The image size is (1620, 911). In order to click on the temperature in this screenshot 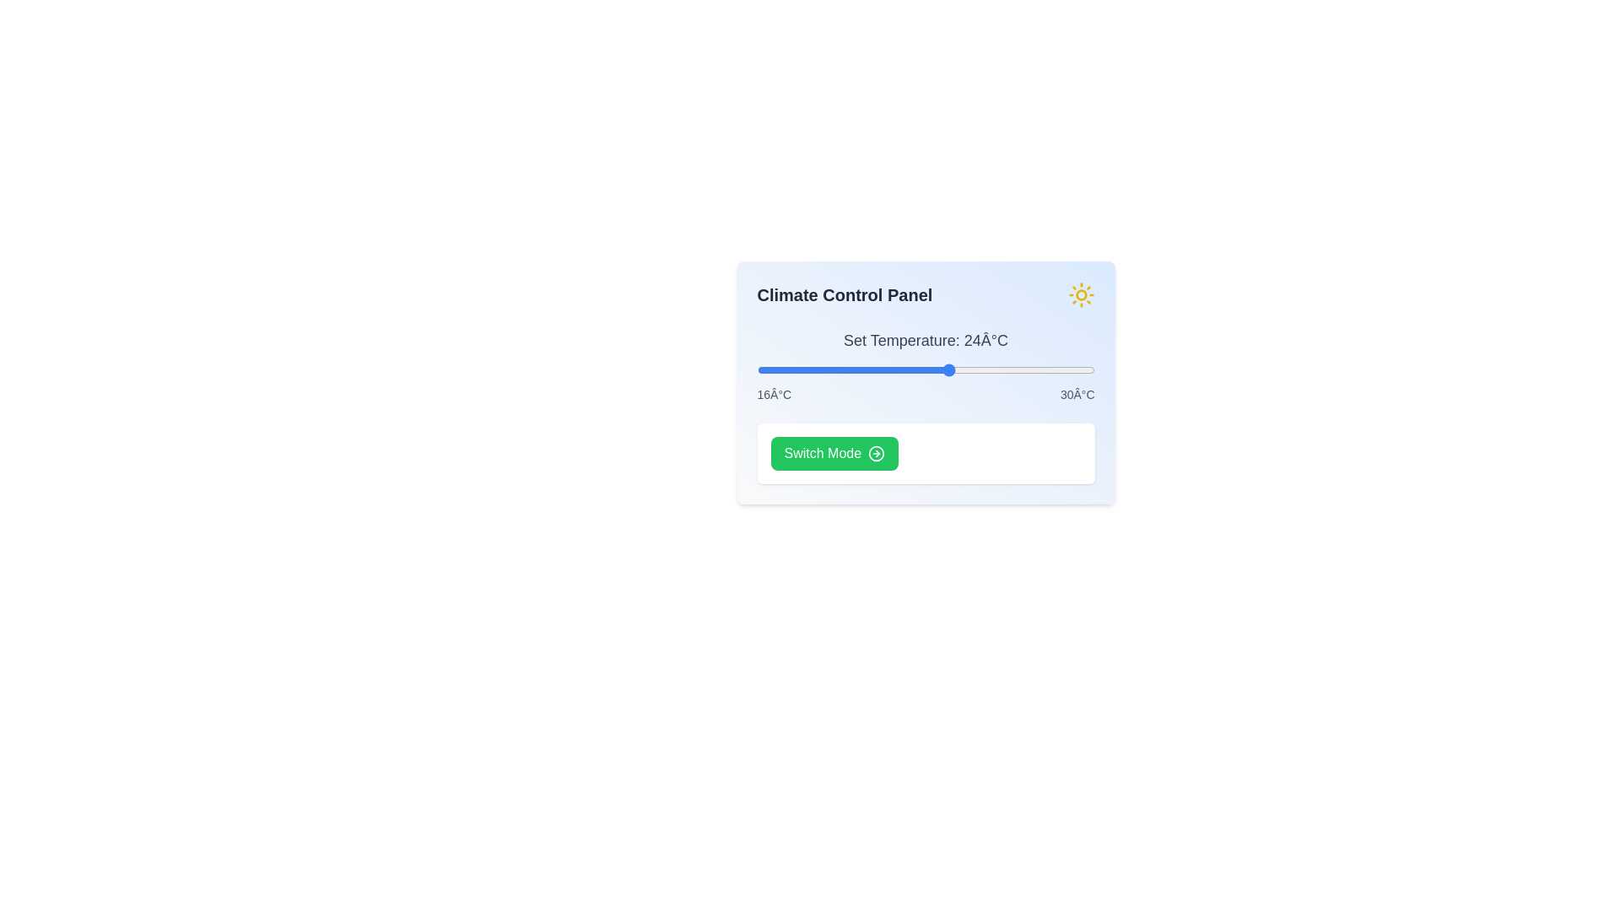, I will do `click(756, 369)`.